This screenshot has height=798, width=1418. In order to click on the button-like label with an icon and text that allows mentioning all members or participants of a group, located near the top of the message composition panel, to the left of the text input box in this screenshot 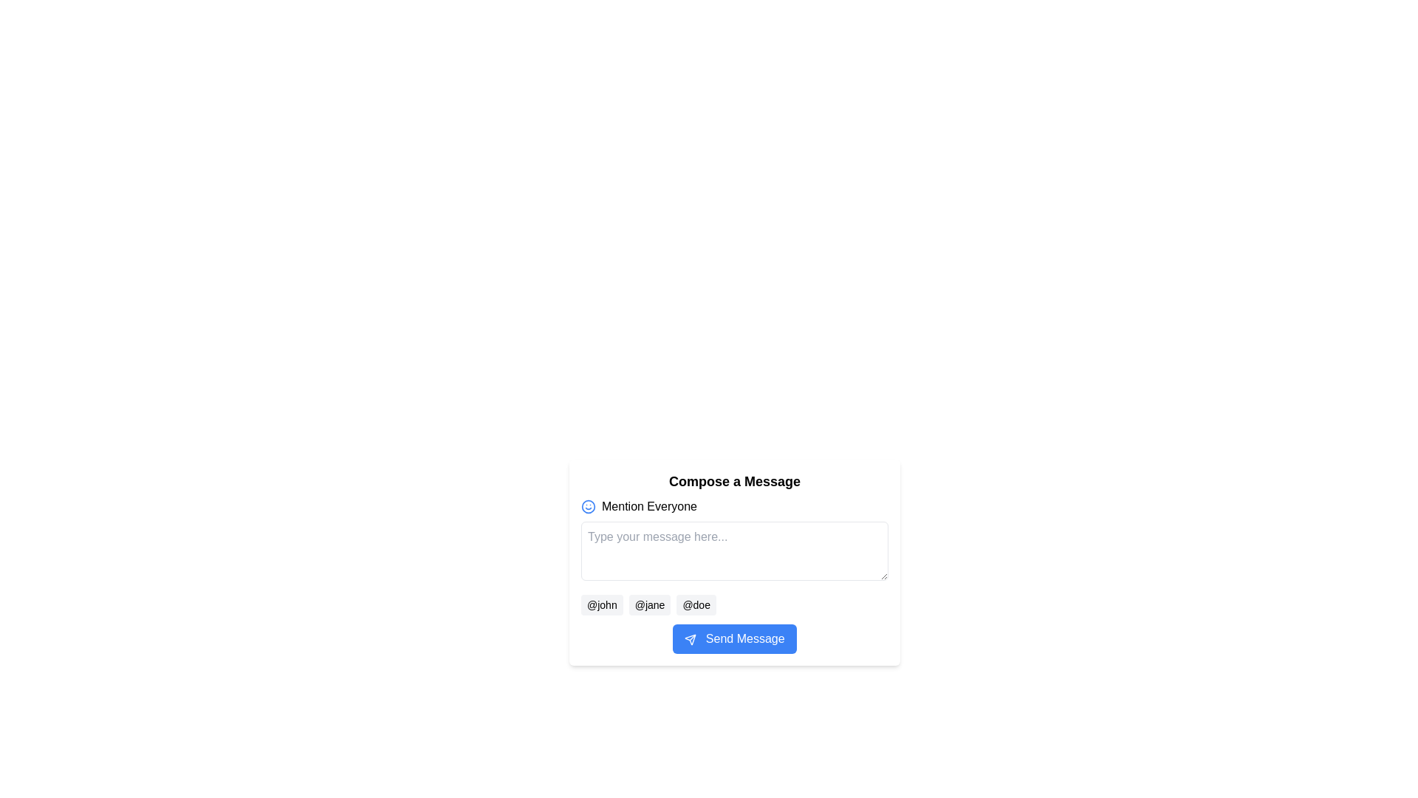, I will do `click(639, 506)`.